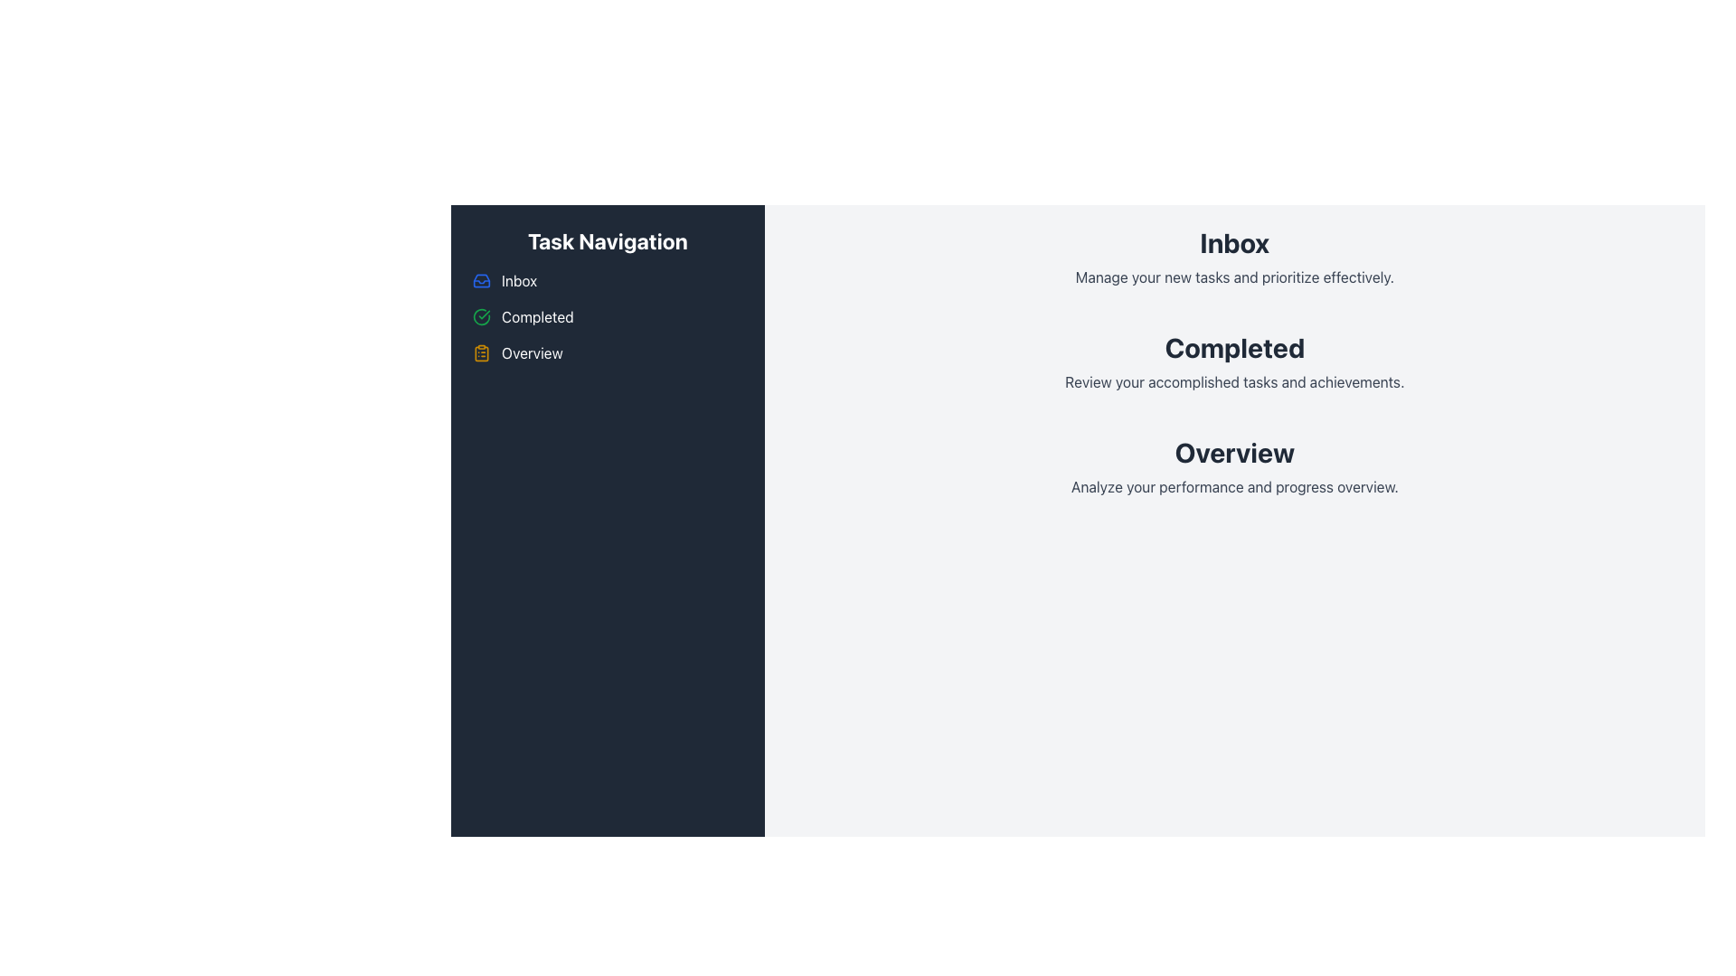  I want to click on the text element displaying 'Analyze your performance and progress overview.' which is centrally aligned below the 'Overview' title, so click(1233, 486).